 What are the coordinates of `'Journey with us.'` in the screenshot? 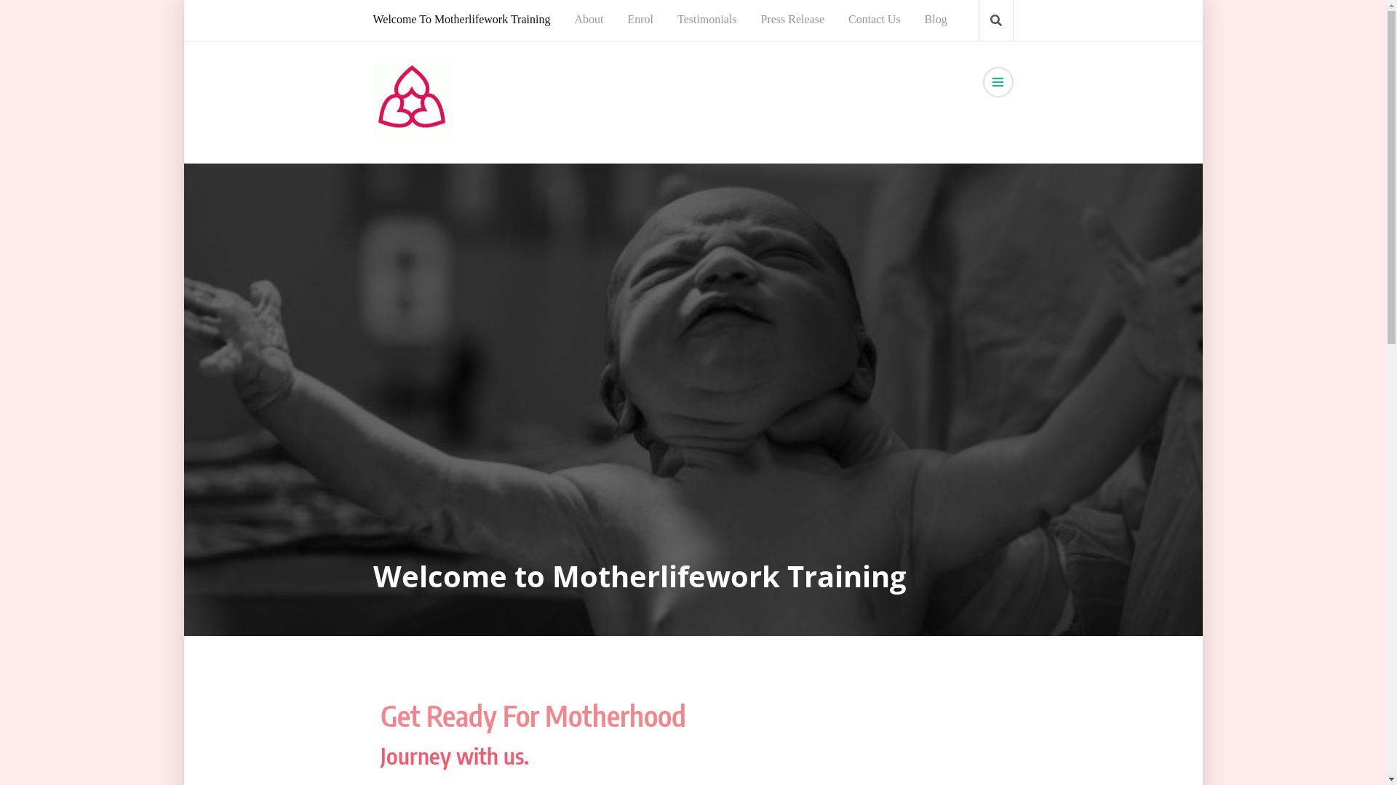 It's located at (453, 754).